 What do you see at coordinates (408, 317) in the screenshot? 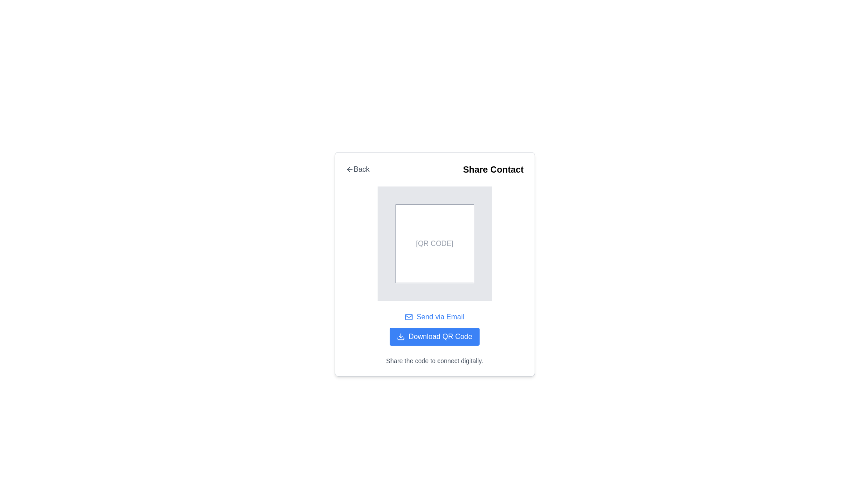
I see `the graphical rectangle within the 'Send via Email' icon, which is located above the blue 'Download QR Code' button` at bounding box center [408, 317].